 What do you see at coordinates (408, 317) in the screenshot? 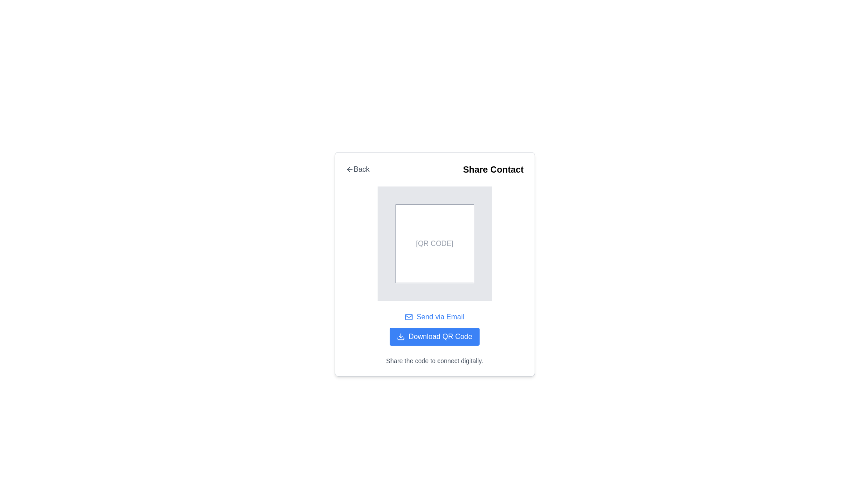
I see `the graphical rectangle within the 'Send via Email' icon, which is located above the blue 'Download QR Code' button` at bounding box center [408, 317].